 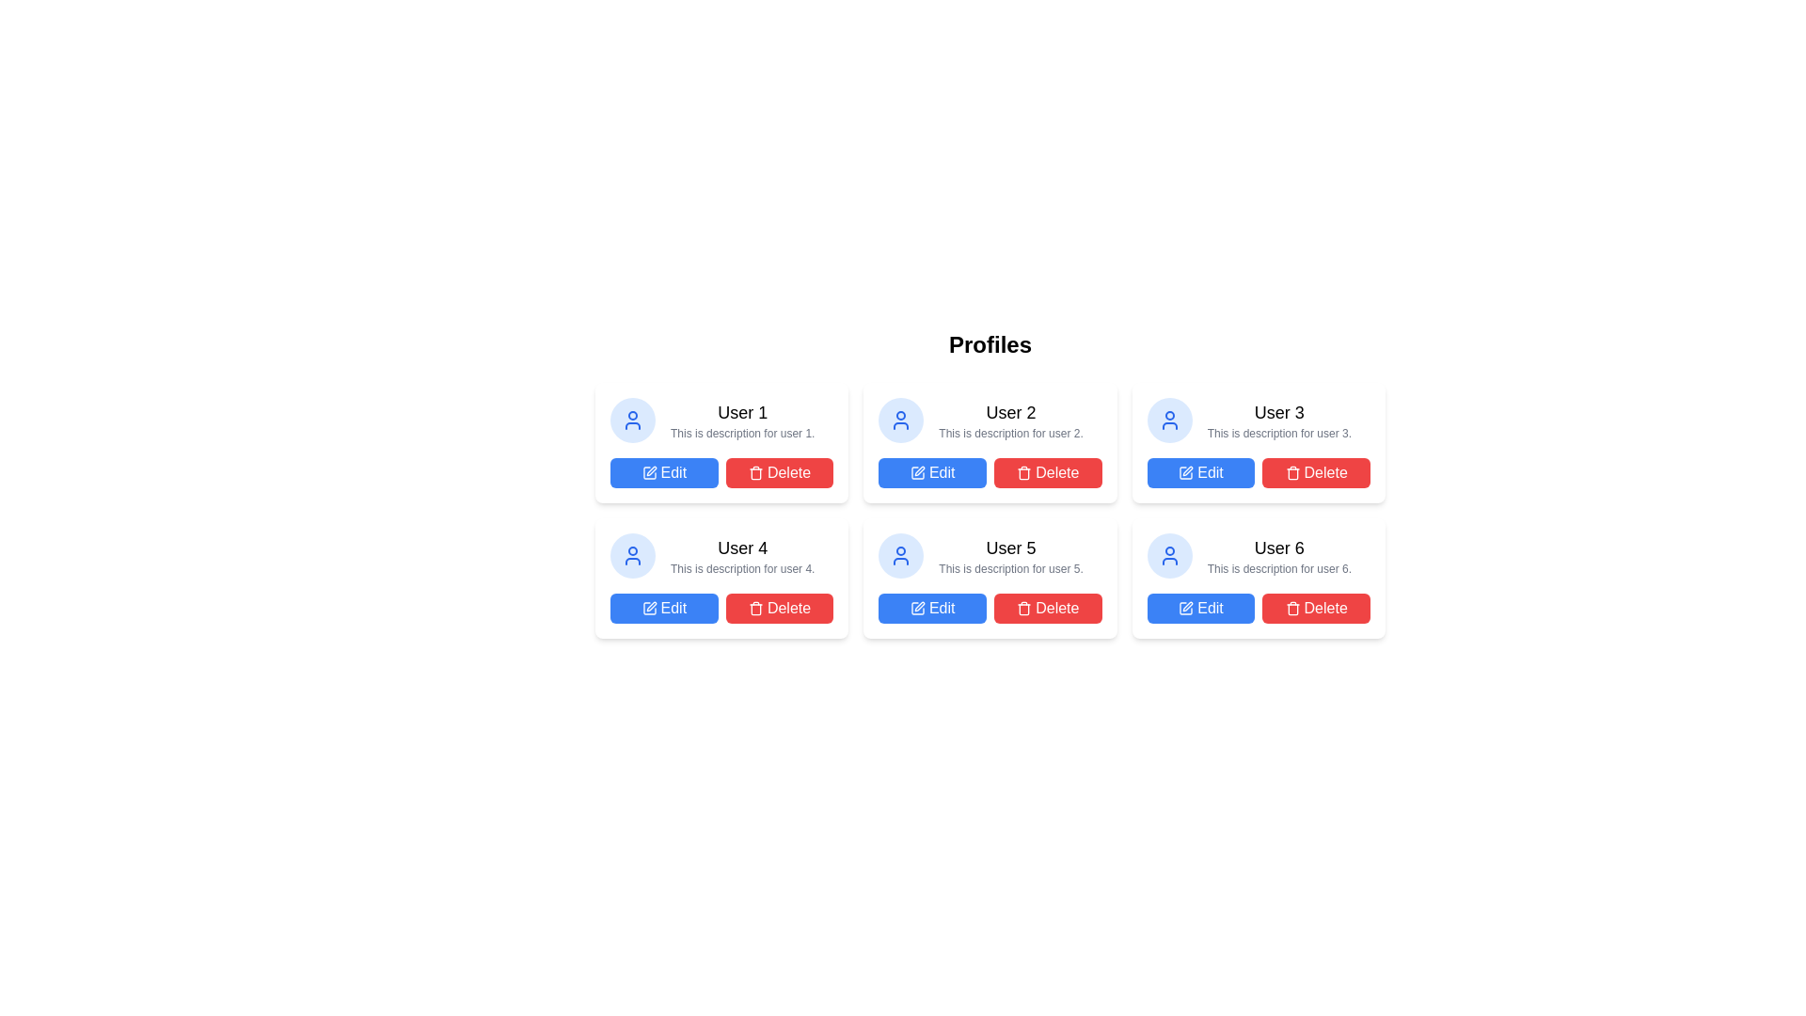 I want to click on the 'Edit' button which contains a small pen icon, located under 'User 6' in the user profiles grid, so click(x=1185, y=609).